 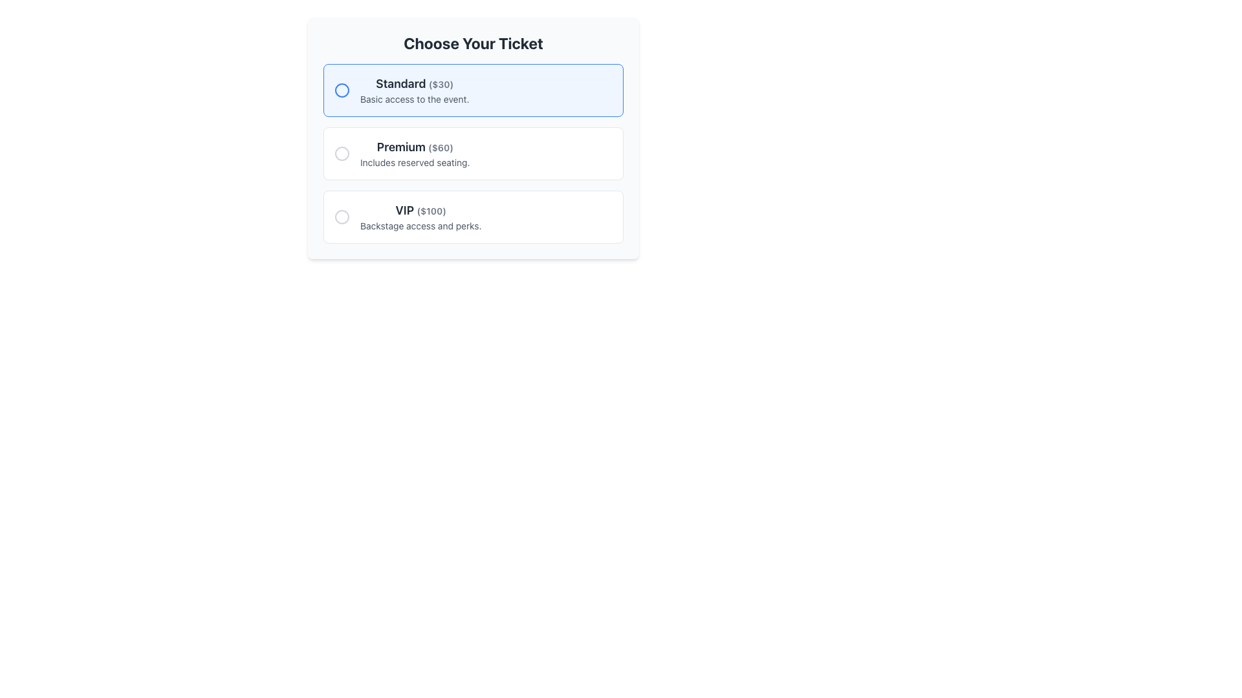 What do you see at coordinates (342, 153) in the screenshot?
I see `the circular radio button associated with the 'Premium ($60)' ticket option` at bounding box center [342, 153].